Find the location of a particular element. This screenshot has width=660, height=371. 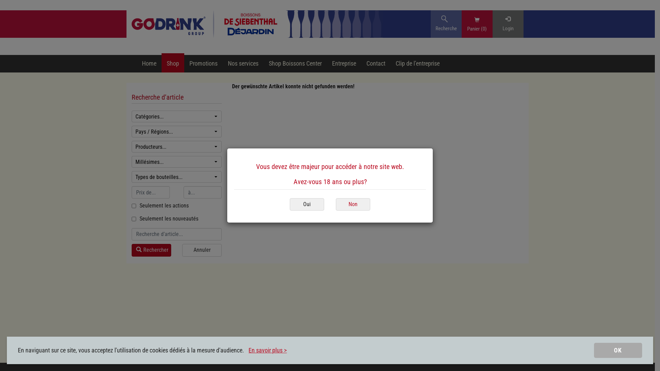

'Contact' is located at coordinates (375, 64).